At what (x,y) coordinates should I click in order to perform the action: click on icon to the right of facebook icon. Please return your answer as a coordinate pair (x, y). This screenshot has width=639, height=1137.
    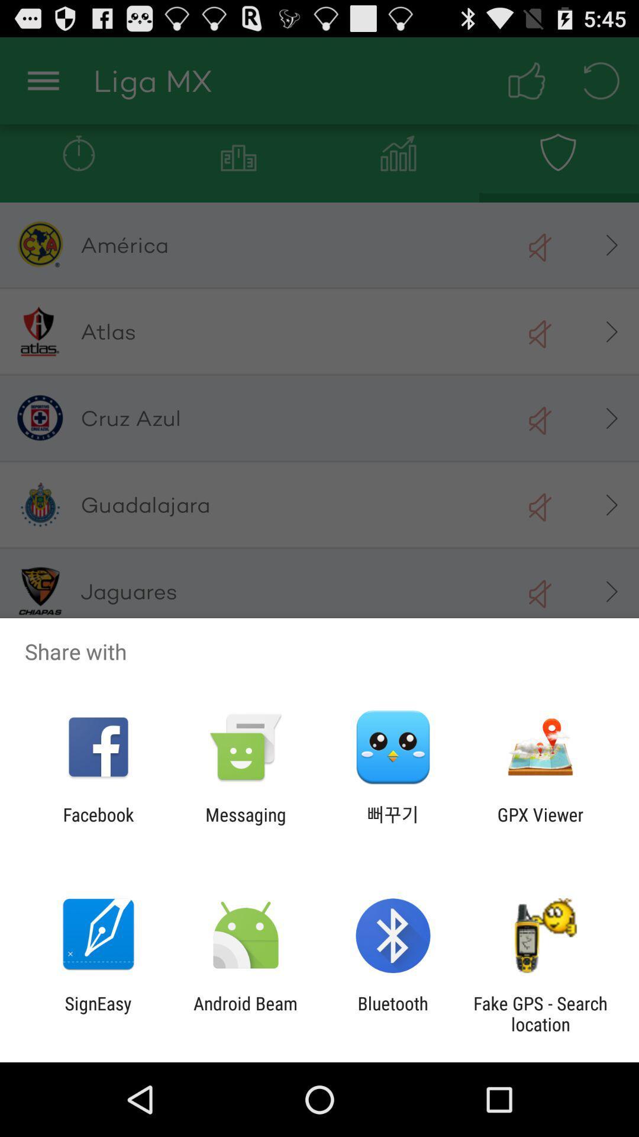
    Looking at the image, I should click on (245, 824).